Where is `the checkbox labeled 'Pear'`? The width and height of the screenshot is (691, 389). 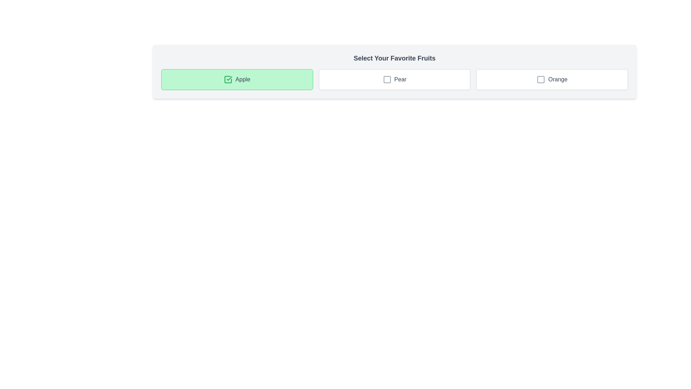 the checkbox labeled 'Pear' is located at coordinates (394, 79).